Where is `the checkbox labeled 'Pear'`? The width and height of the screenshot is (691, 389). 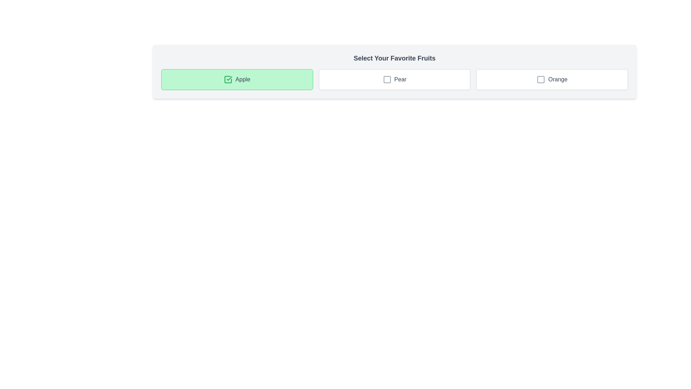 the checkbox labeled 'Pear' is located at coordinates (394, 79).